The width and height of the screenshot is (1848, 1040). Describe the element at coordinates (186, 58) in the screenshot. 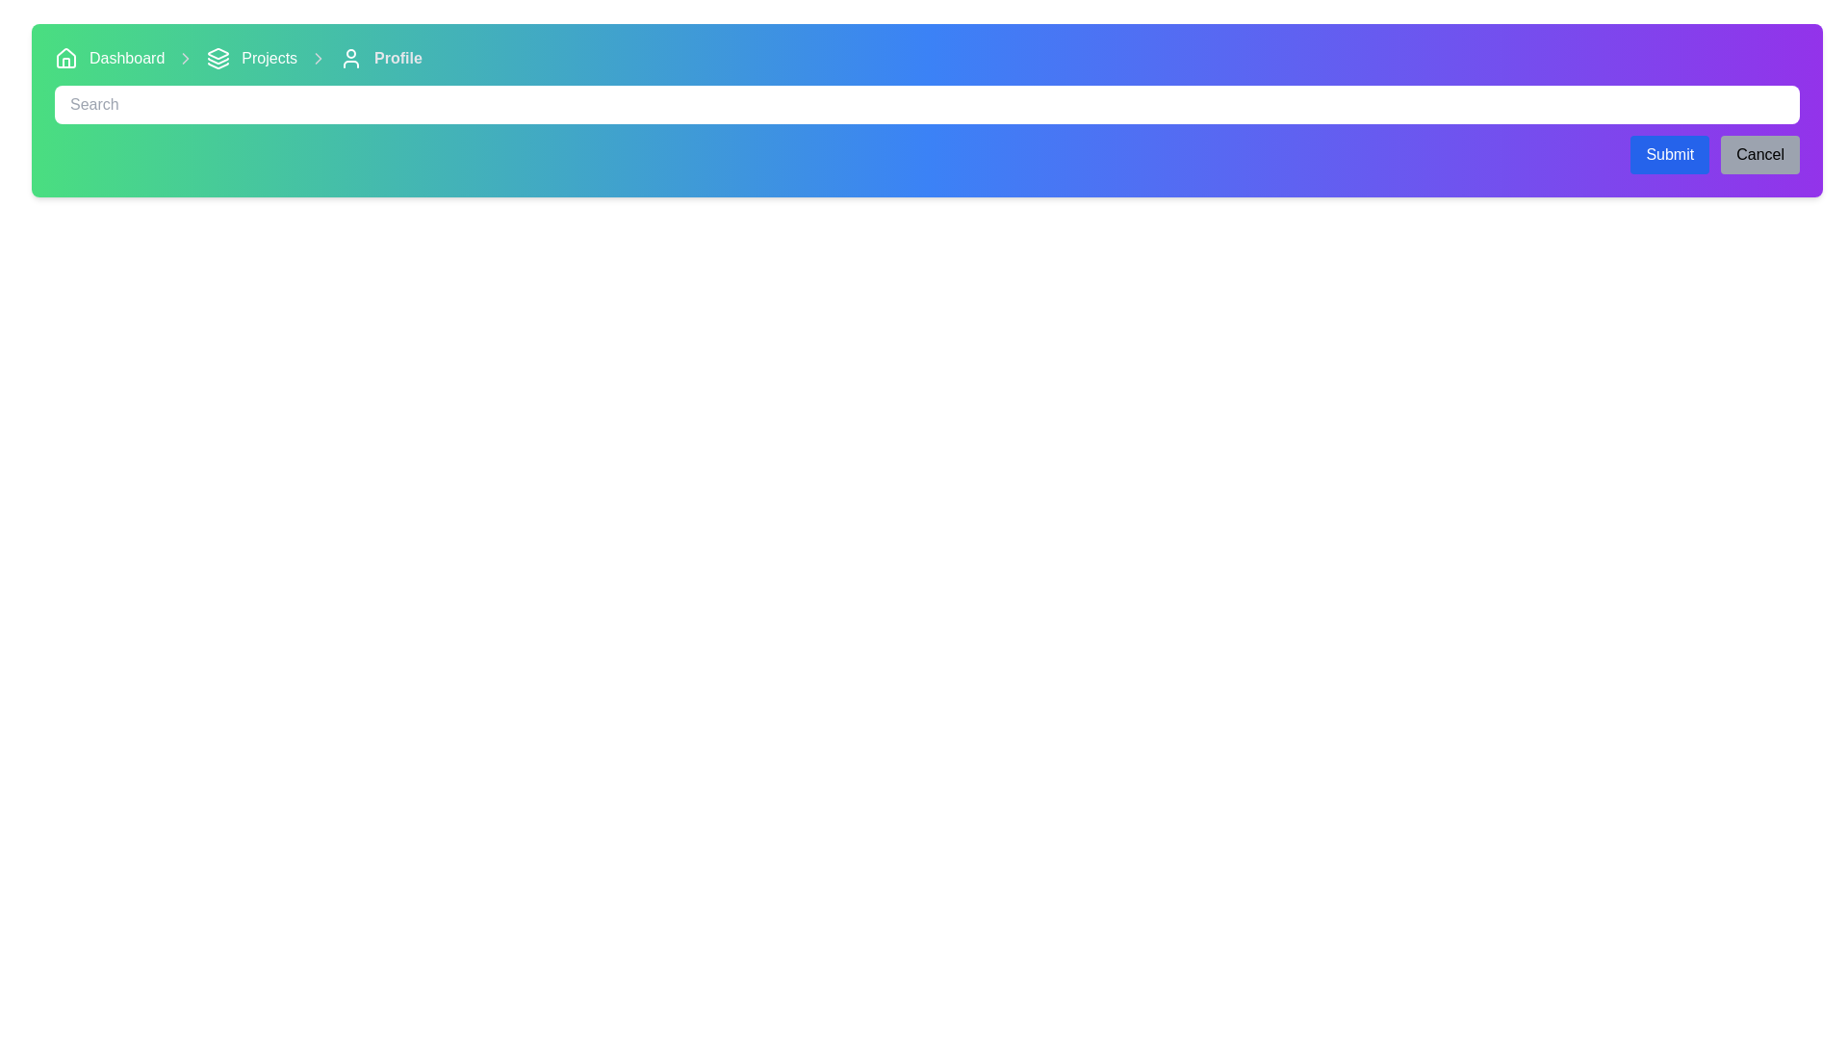

I see `the Chevron Right icon in the breadcrumb navigation bar that visually indicates the relationship between 'Projects' and 'Profile'` at that location.